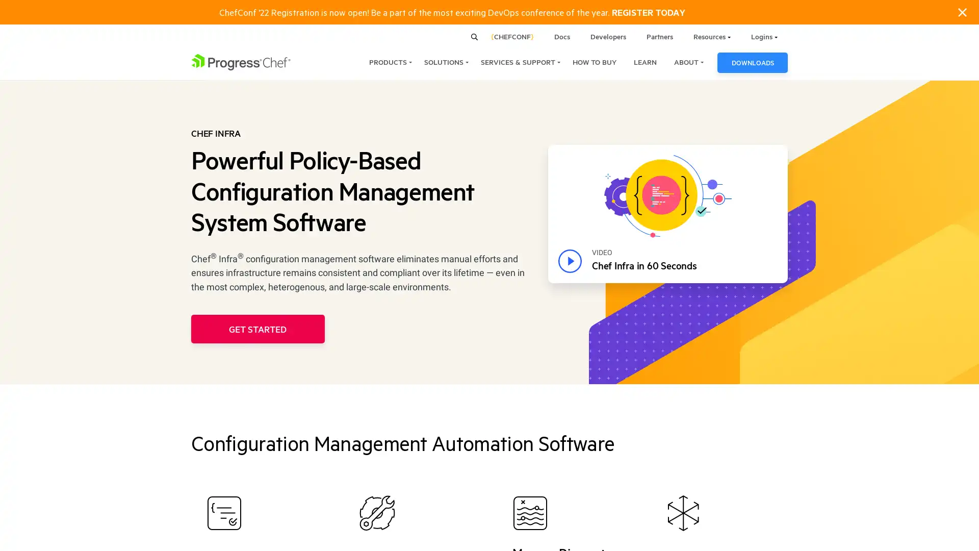  I want to click on SERVICES & SUPPORT, so click(518, 62).